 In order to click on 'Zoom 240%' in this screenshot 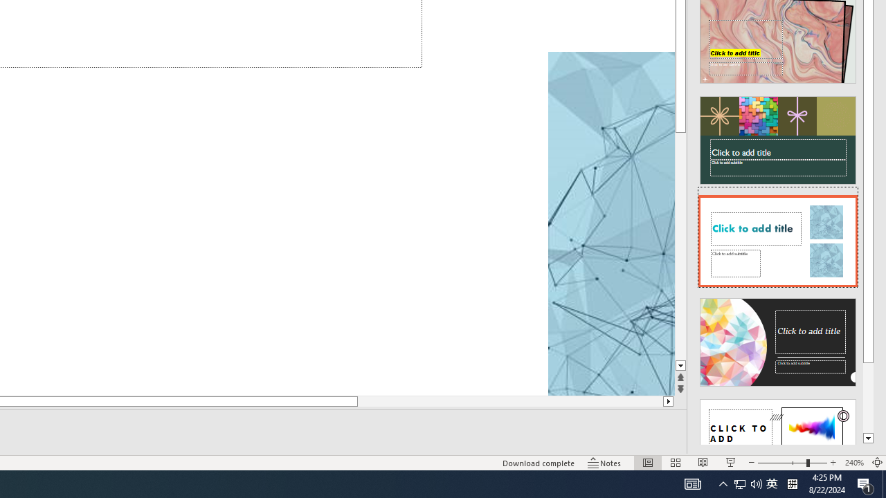, I will do `click(853, 463)`.